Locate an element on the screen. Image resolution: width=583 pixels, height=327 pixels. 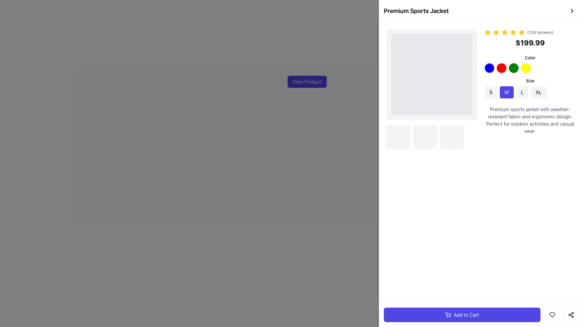
product description displayed in the text element located towards the bottom-right of the product display section is located at coordinates (530, 120).